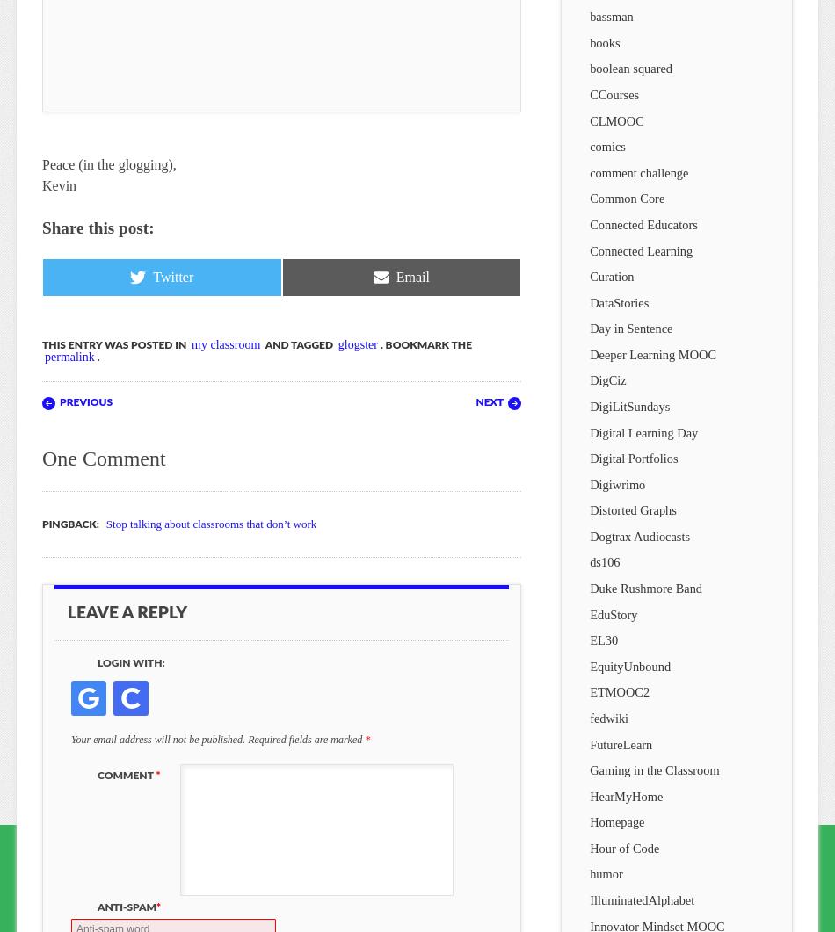  Describe the element at coordinates (604, 560) in the screenshot. I see `'ds106'` at that location.